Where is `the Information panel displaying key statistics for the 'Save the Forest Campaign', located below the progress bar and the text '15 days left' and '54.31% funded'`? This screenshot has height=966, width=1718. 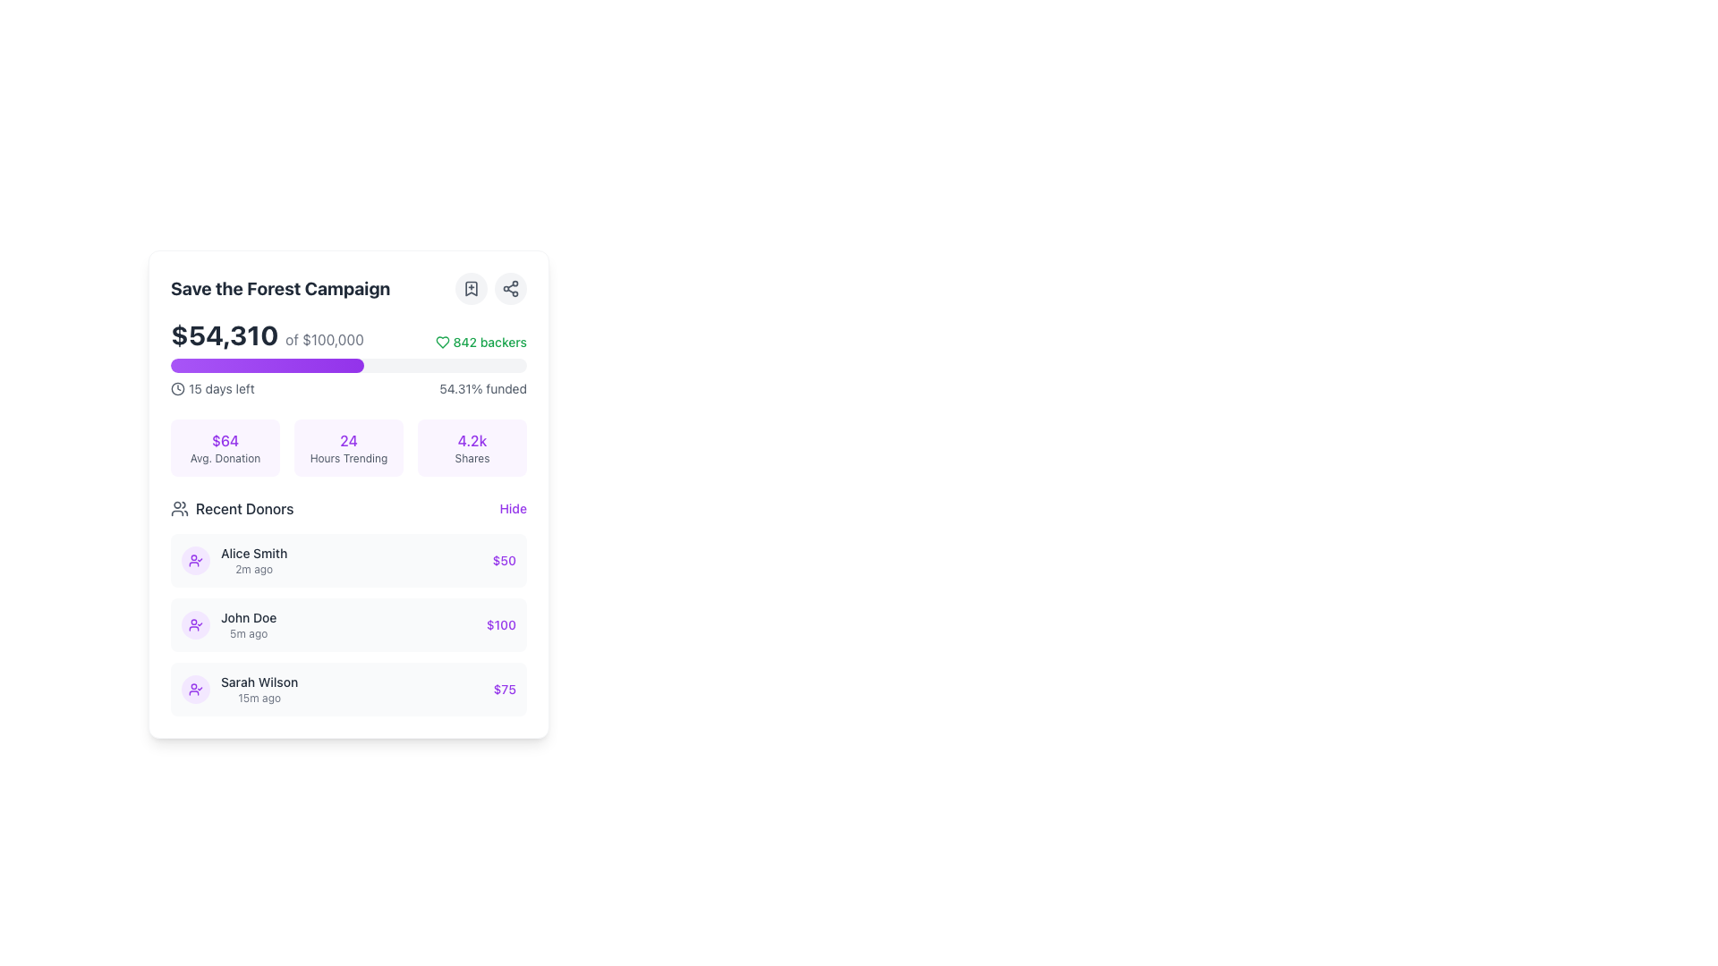
the Information panel displaying key statistics for the 'Save the Forest Campaign', located below the progress bar and the text '15 days left' and '54.31% funded' is located at coordinates (348, 447).